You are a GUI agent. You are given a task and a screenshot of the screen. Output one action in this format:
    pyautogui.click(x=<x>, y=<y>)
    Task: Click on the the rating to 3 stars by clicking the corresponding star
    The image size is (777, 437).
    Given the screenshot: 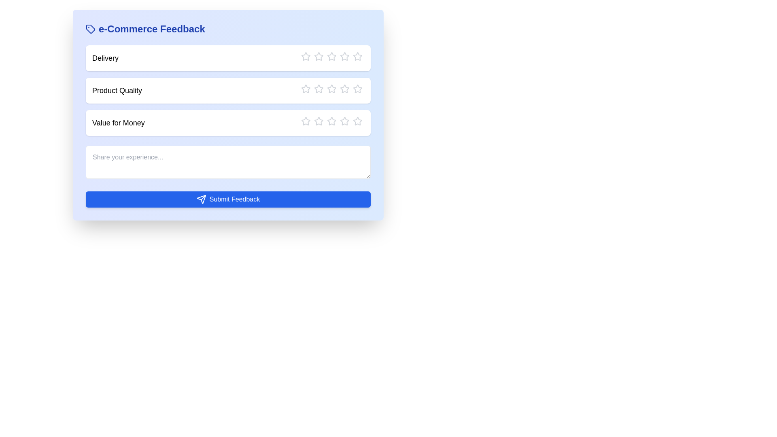 What is the action you would take?
    pyautogui.click(x=332, y=56)
    